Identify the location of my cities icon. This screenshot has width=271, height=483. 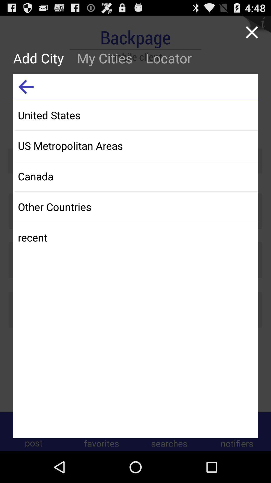
(104, 58).